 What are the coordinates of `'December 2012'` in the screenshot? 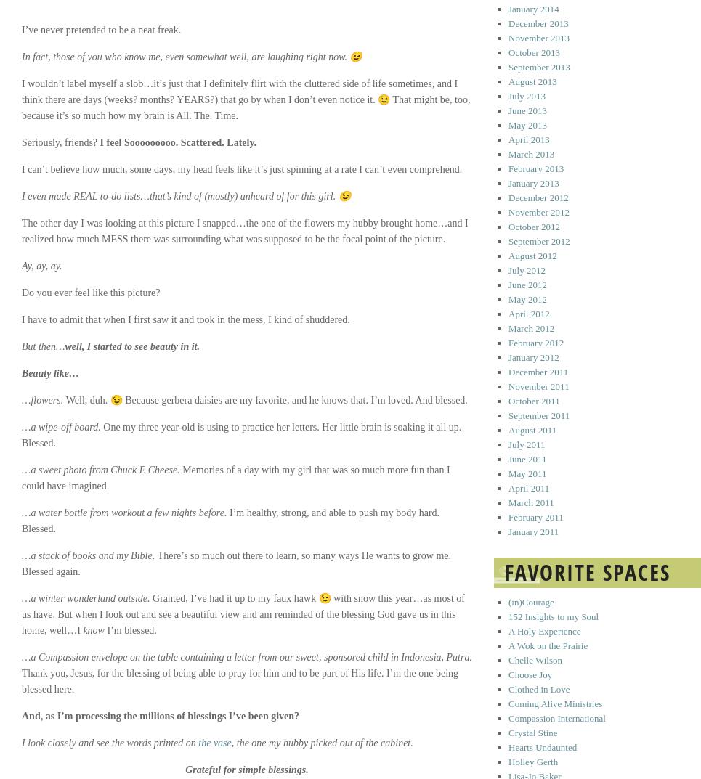 It's located at (538, 197).